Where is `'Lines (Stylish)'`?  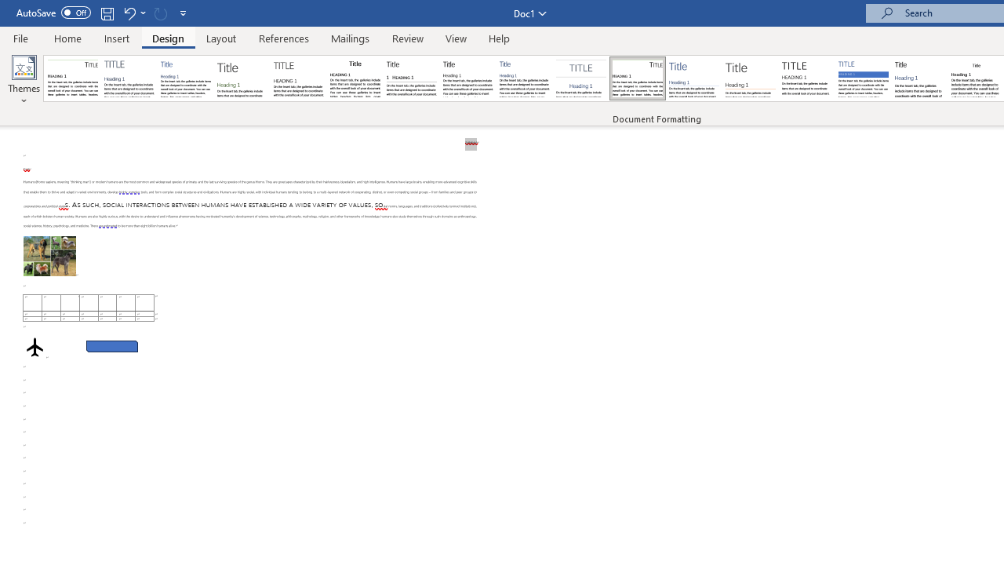
'Lines (Stylish)' is located at coordinates (750, 78).